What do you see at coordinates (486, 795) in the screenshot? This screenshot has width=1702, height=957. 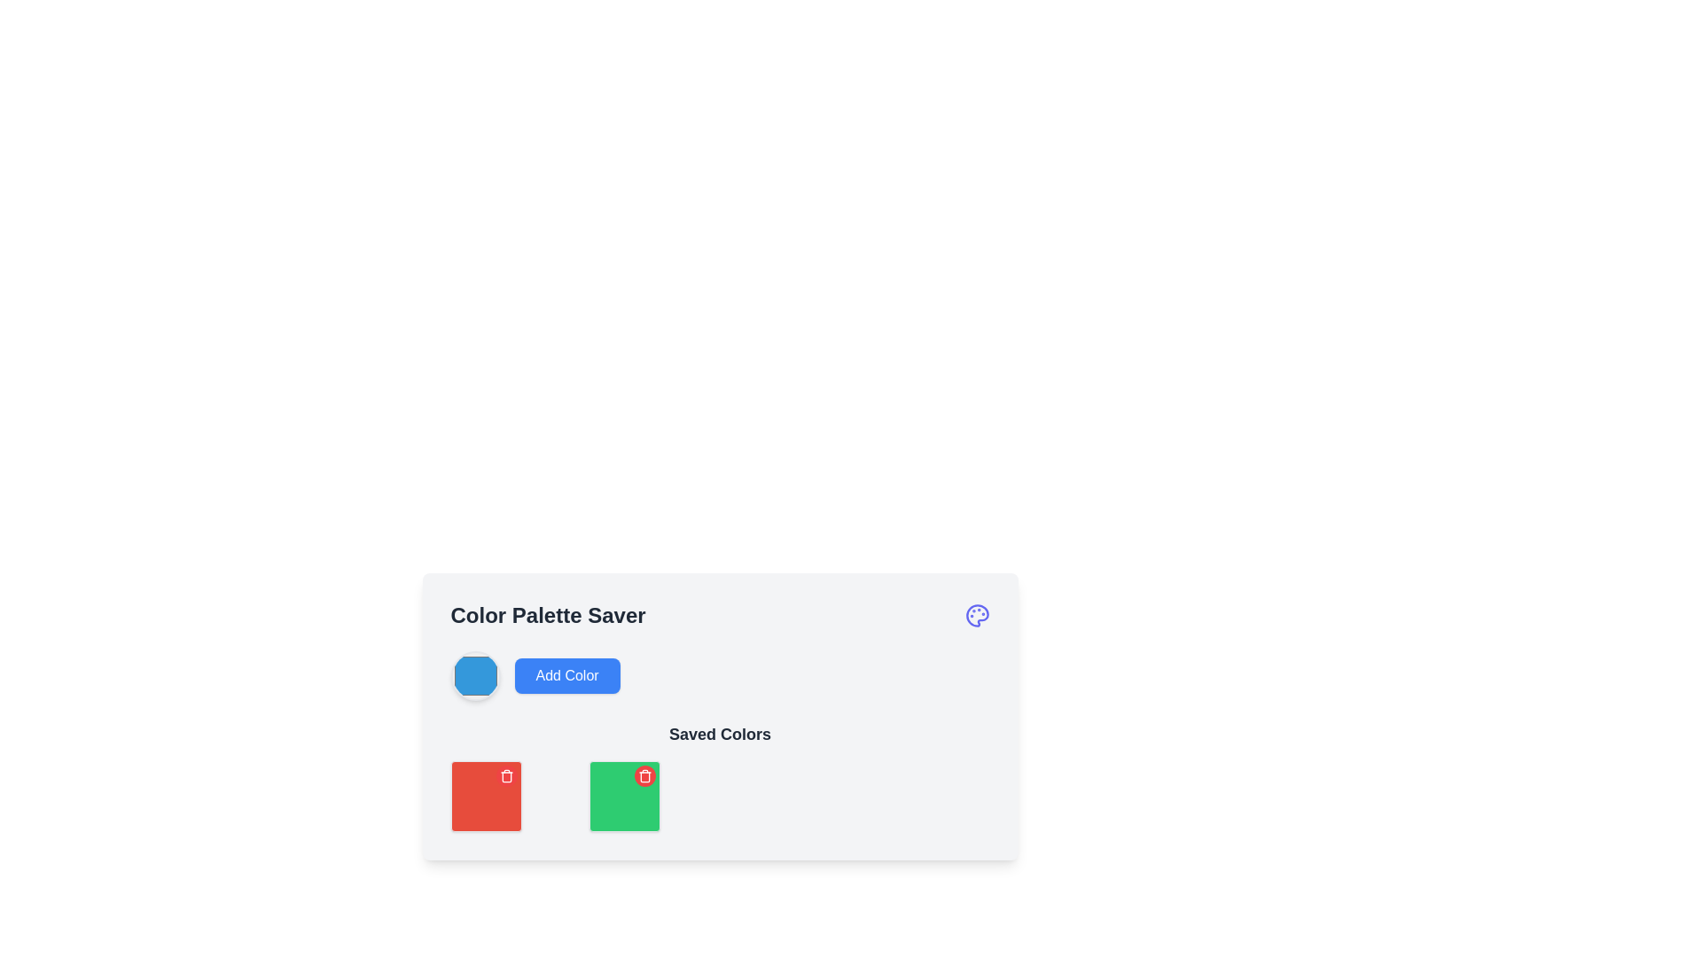 I see `the interactive visual block with a red background and a nested trash can button located under the 'Saved Colors' title` at bounding box center [486, 795].